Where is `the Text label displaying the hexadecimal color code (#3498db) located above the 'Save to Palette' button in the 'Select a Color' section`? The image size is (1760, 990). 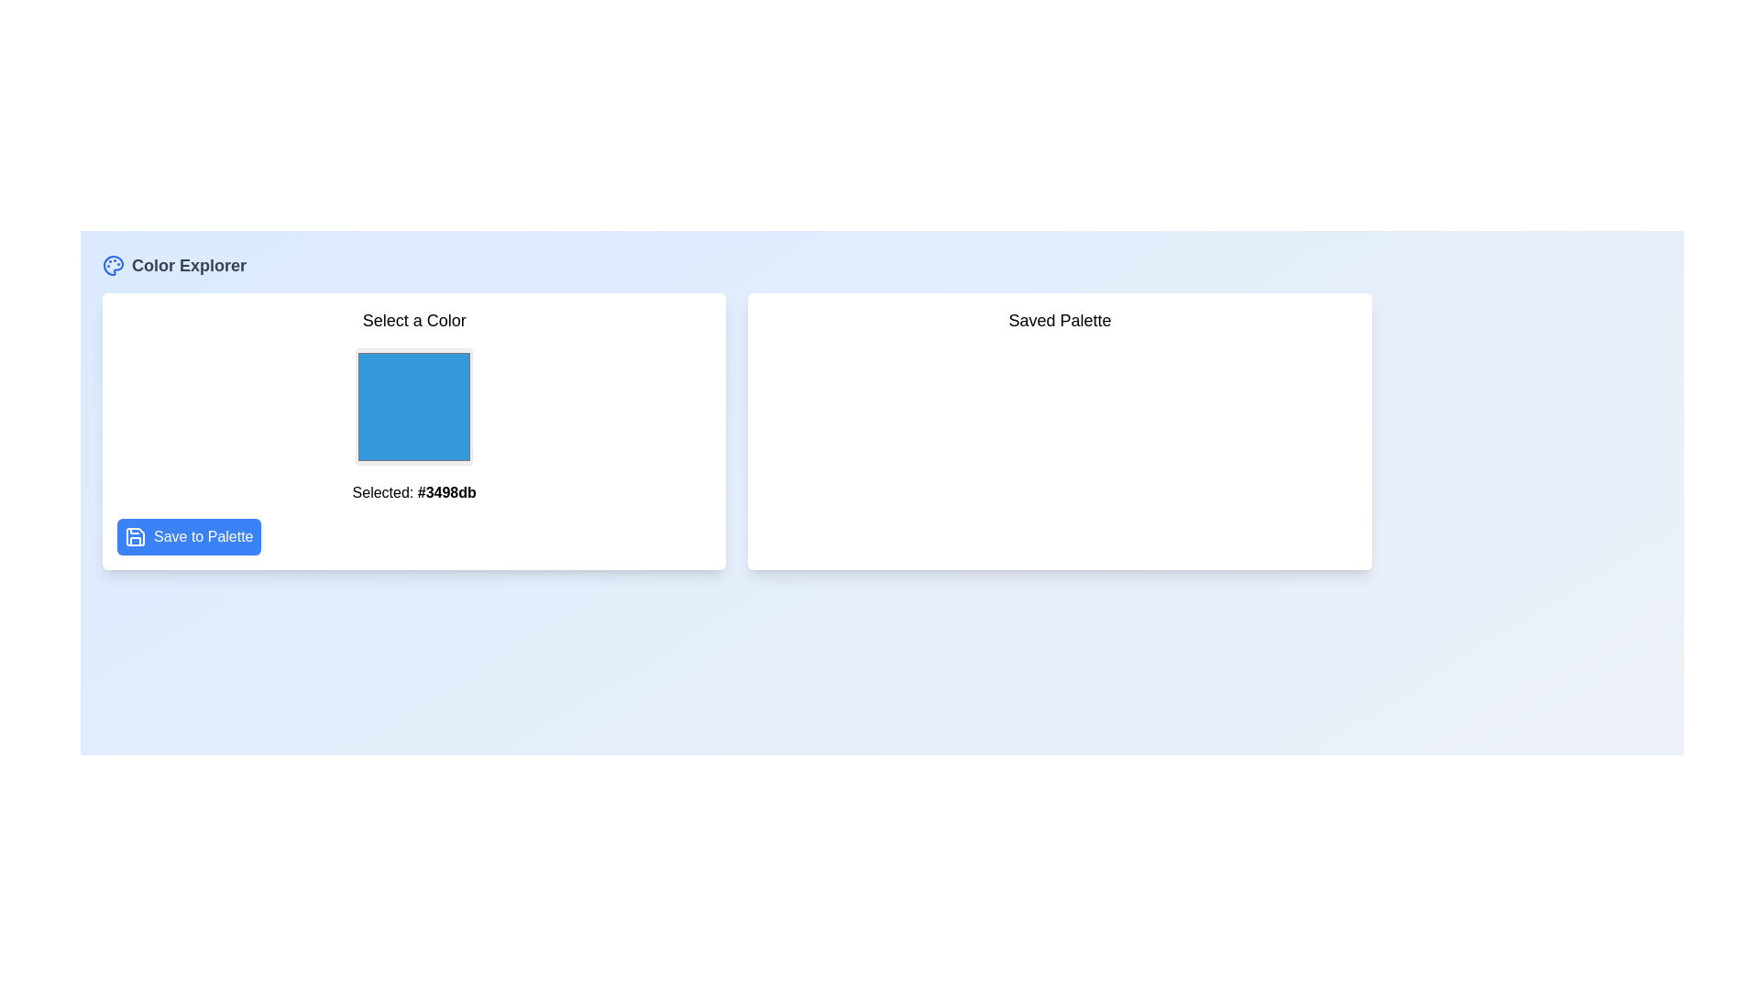
the Text label displaying the hexadecimal color code (#3498db) located above the 'Save to Palette' button in the 'Select a Color' section is located at coordinates (413, 491).